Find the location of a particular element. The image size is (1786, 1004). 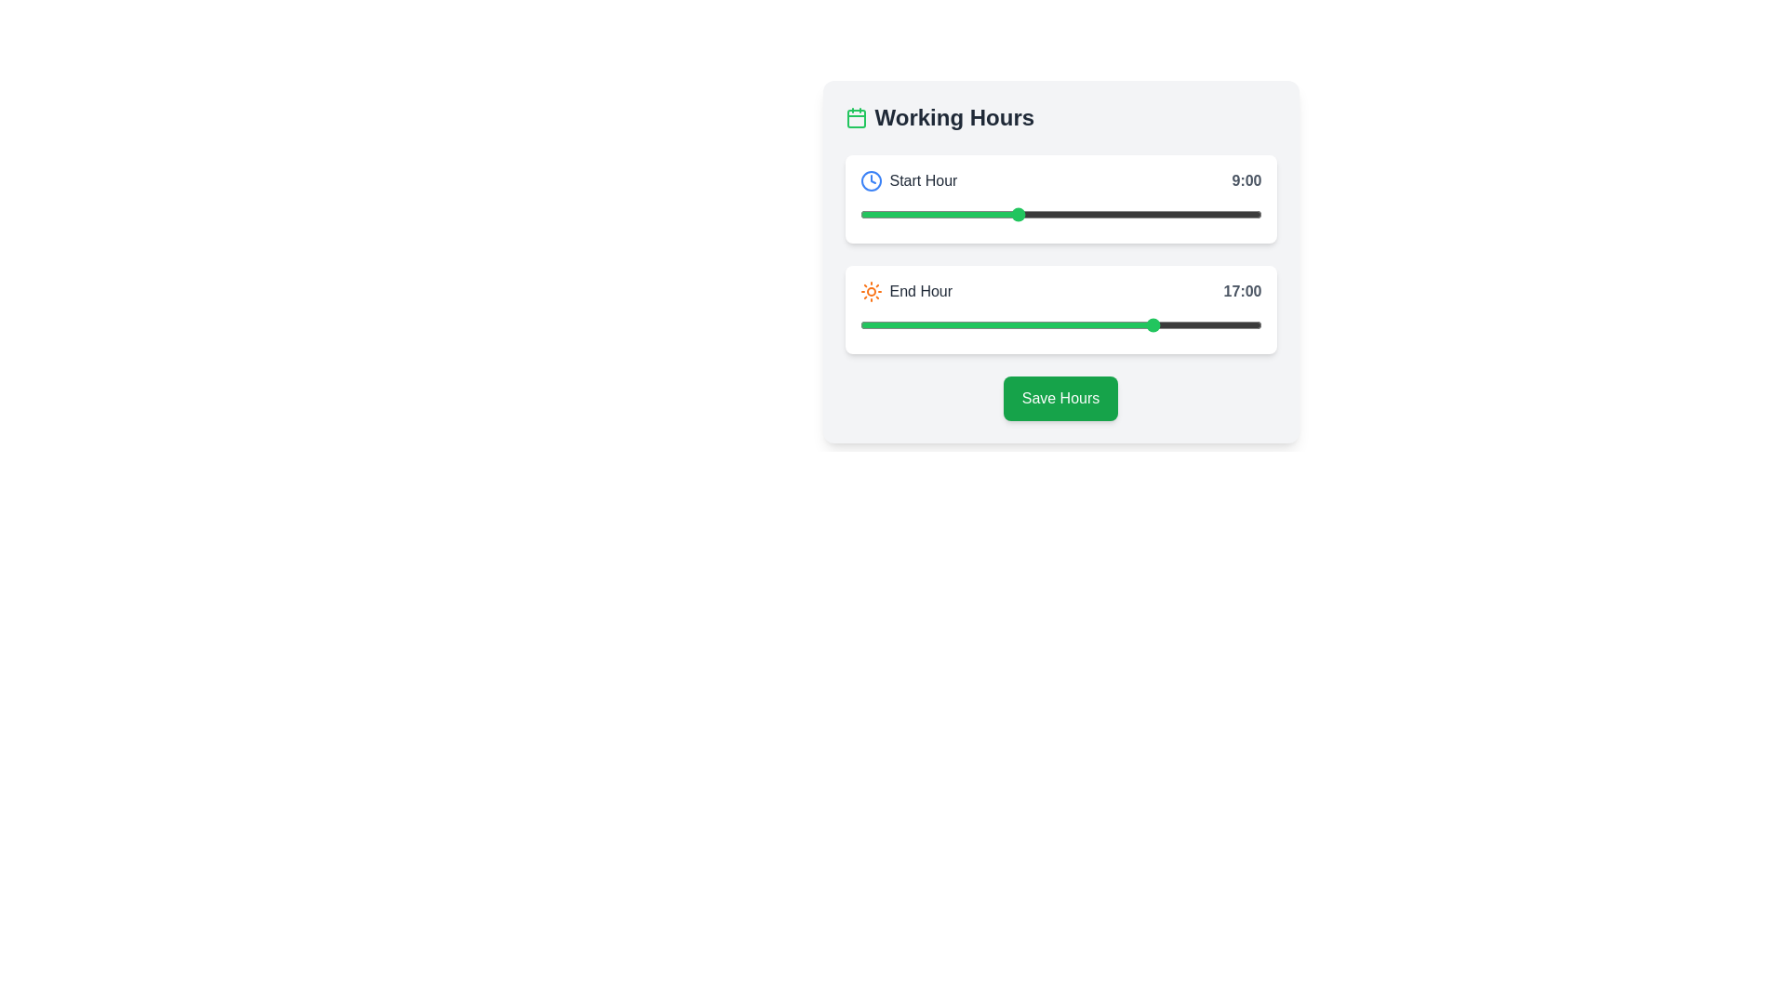

the start hour is located at coordinates (1155, 214).